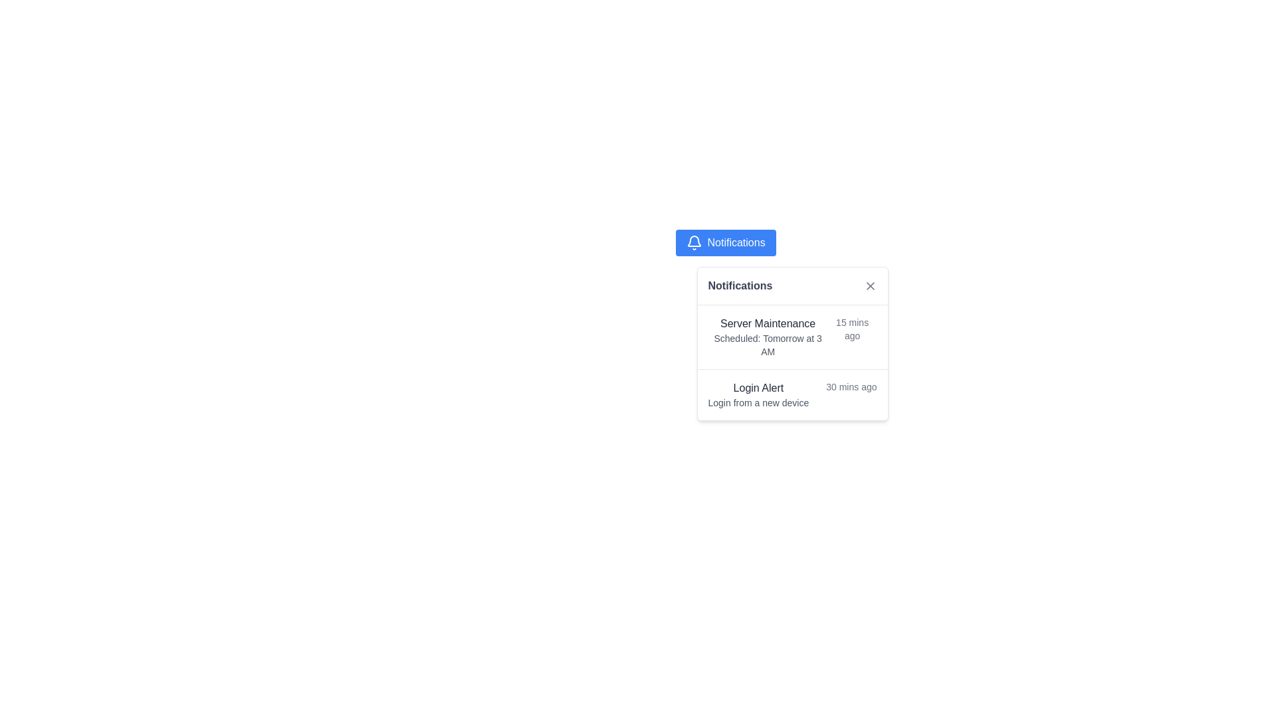 This screenshot has width=1276, height=717. Describe the element at coordinates (851, 386) in the screenshot. I see `the text label displaying '30 mins ago', which is aligned to the right side of the 'Login Alert' notification box, indicating a timestamp` at that location.